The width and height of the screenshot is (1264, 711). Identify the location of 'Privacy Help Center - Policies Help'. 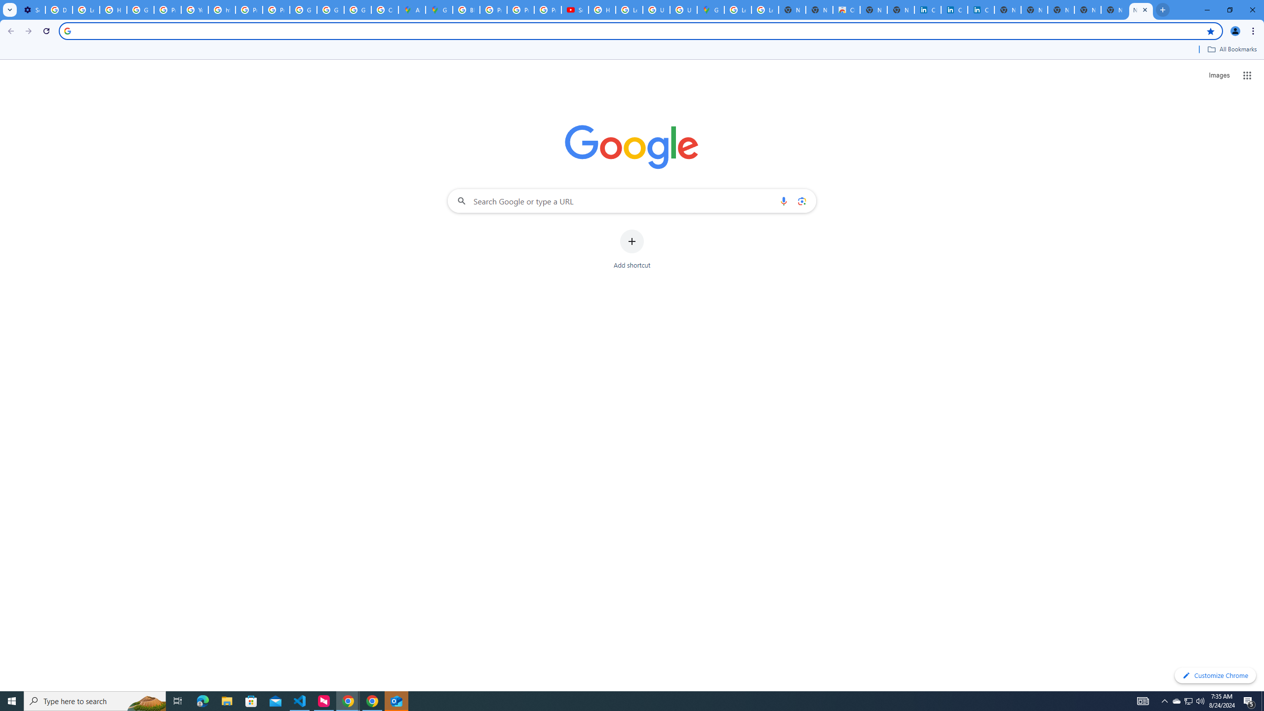
(520, 9).